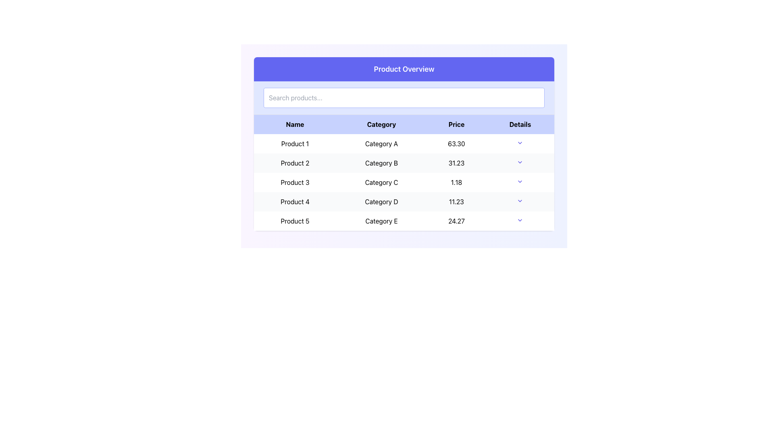 This screenshot has height=435, width=774. I want to click on the Text Header which has a blue background and white text reading 'Product Overview', so click(404, 69).